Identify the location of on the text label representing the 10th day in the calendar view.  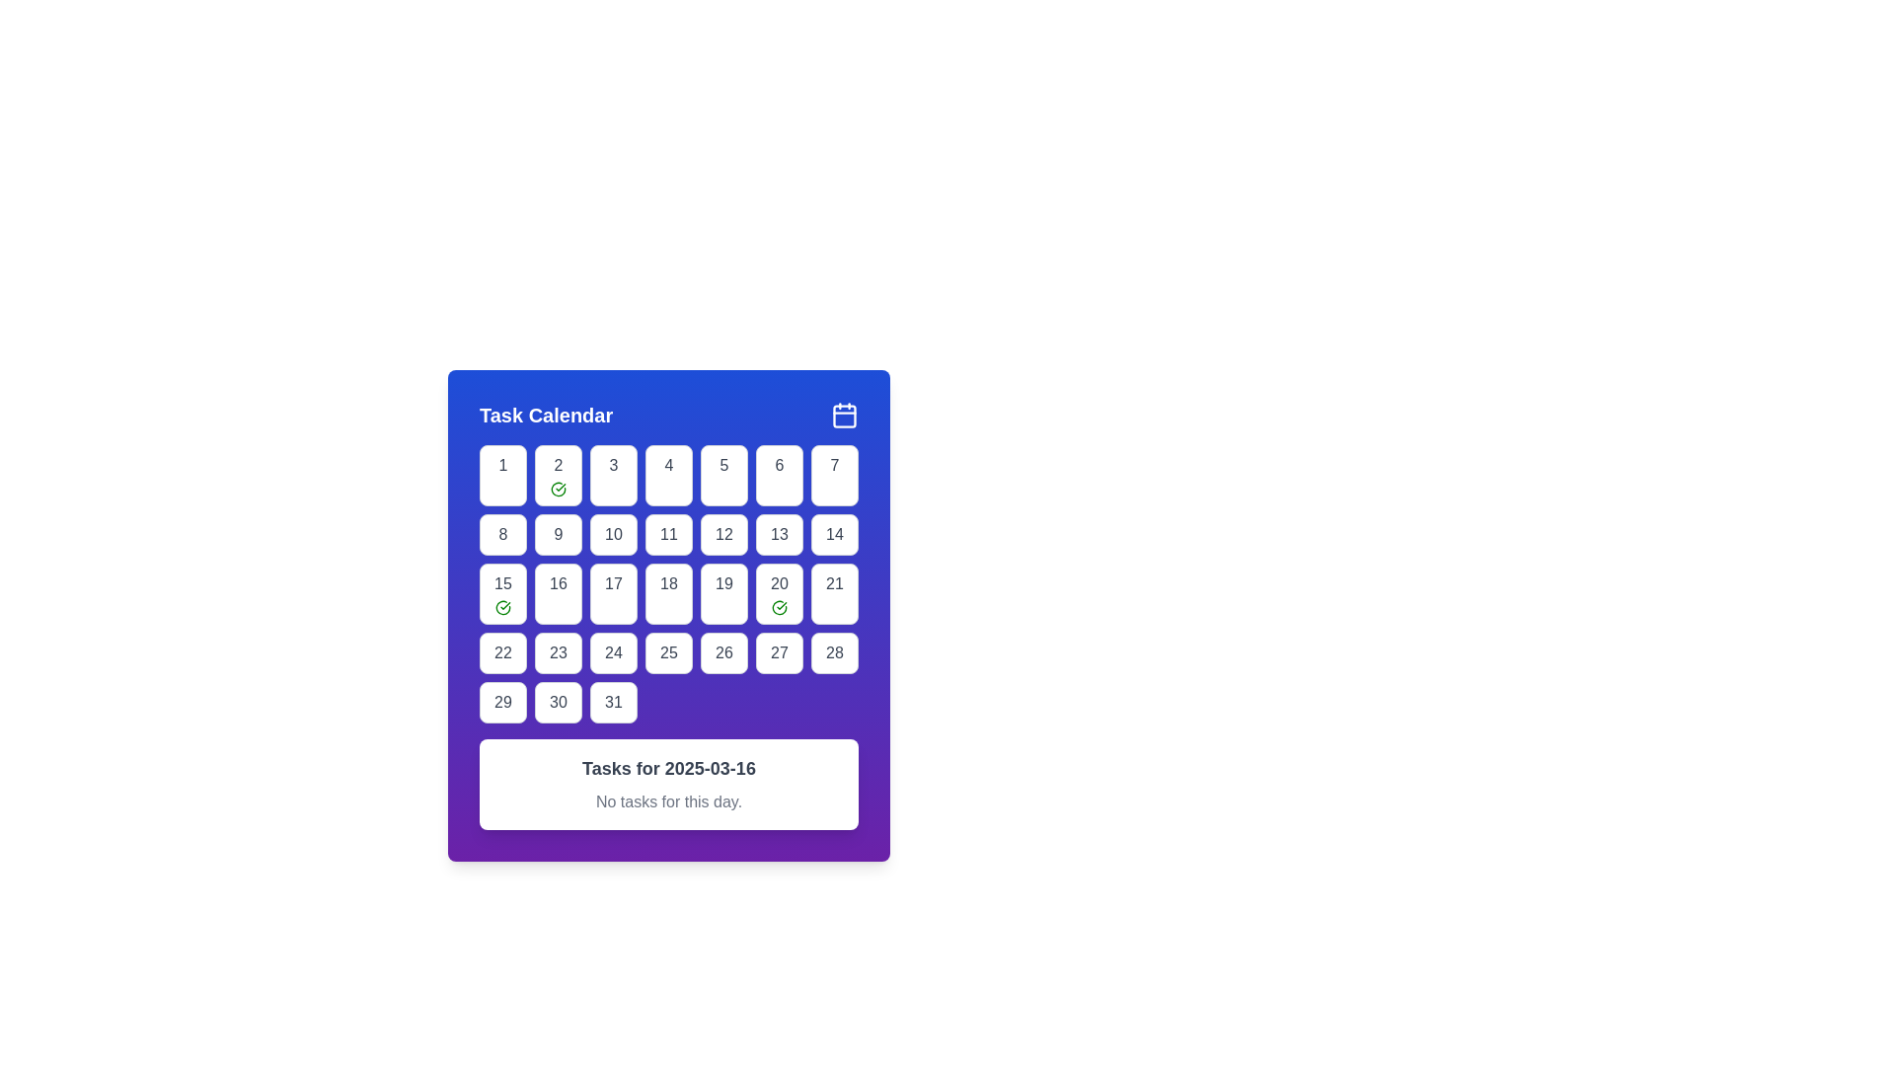
(613, 535).